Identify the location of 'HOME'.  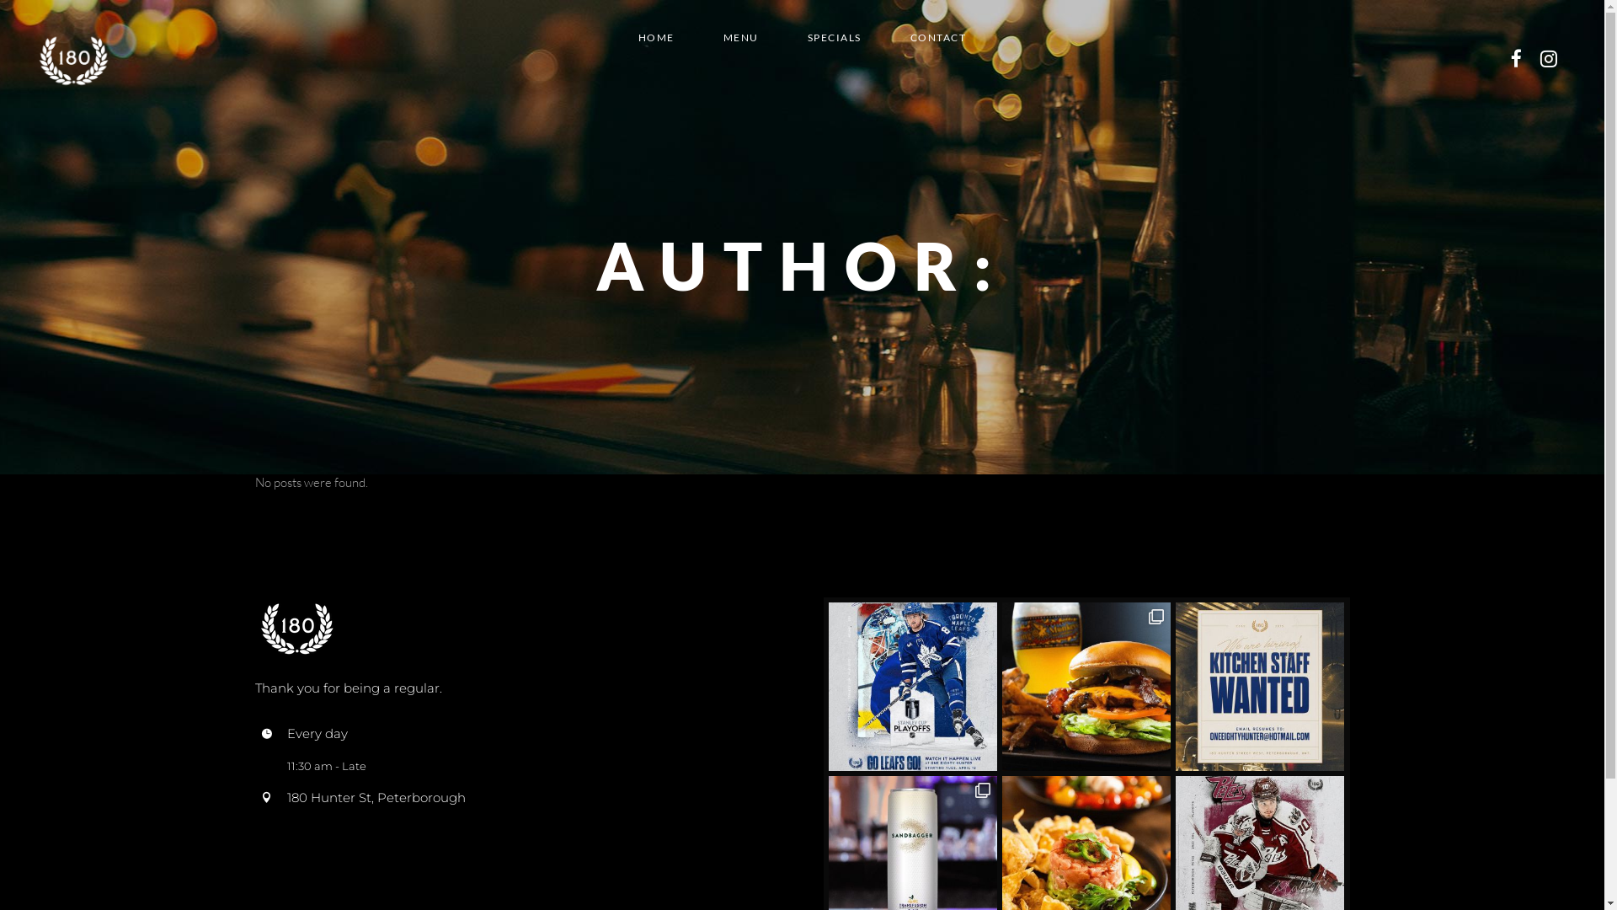
(655, 37).